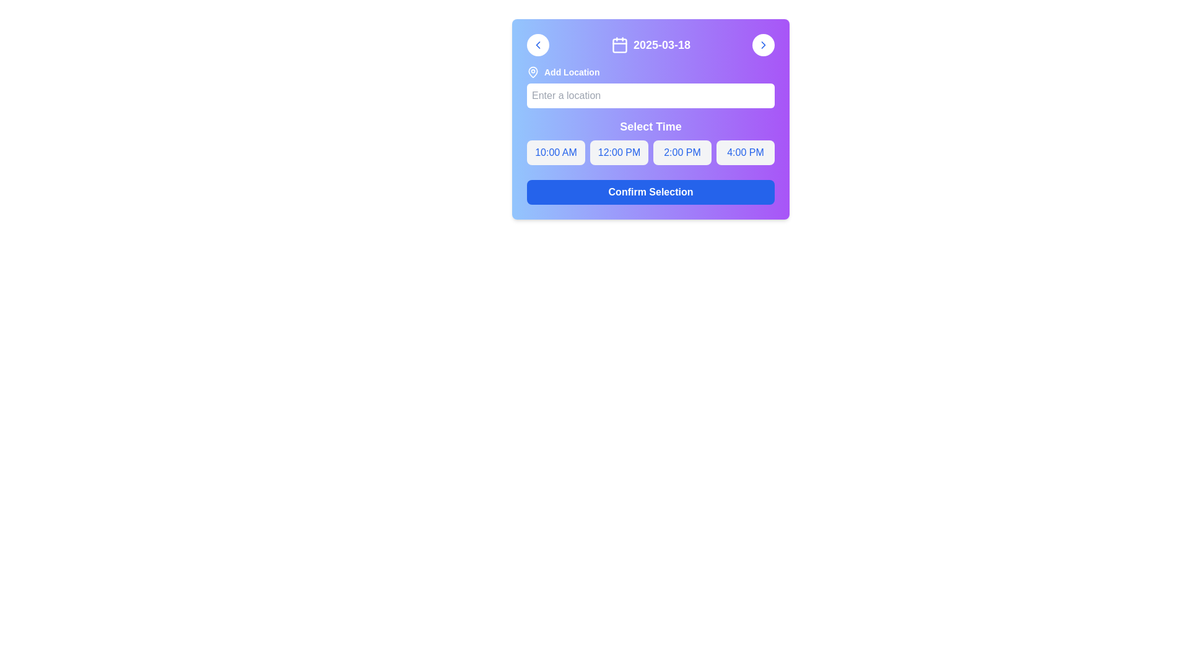 Image resolution: width=1189 pixels, height=668 pixels. I want to click on the Decorative icon, which is a blue outlined pin marker shape located on the left side of the header section, next to the 'Add Location' text, so click(533, 71).